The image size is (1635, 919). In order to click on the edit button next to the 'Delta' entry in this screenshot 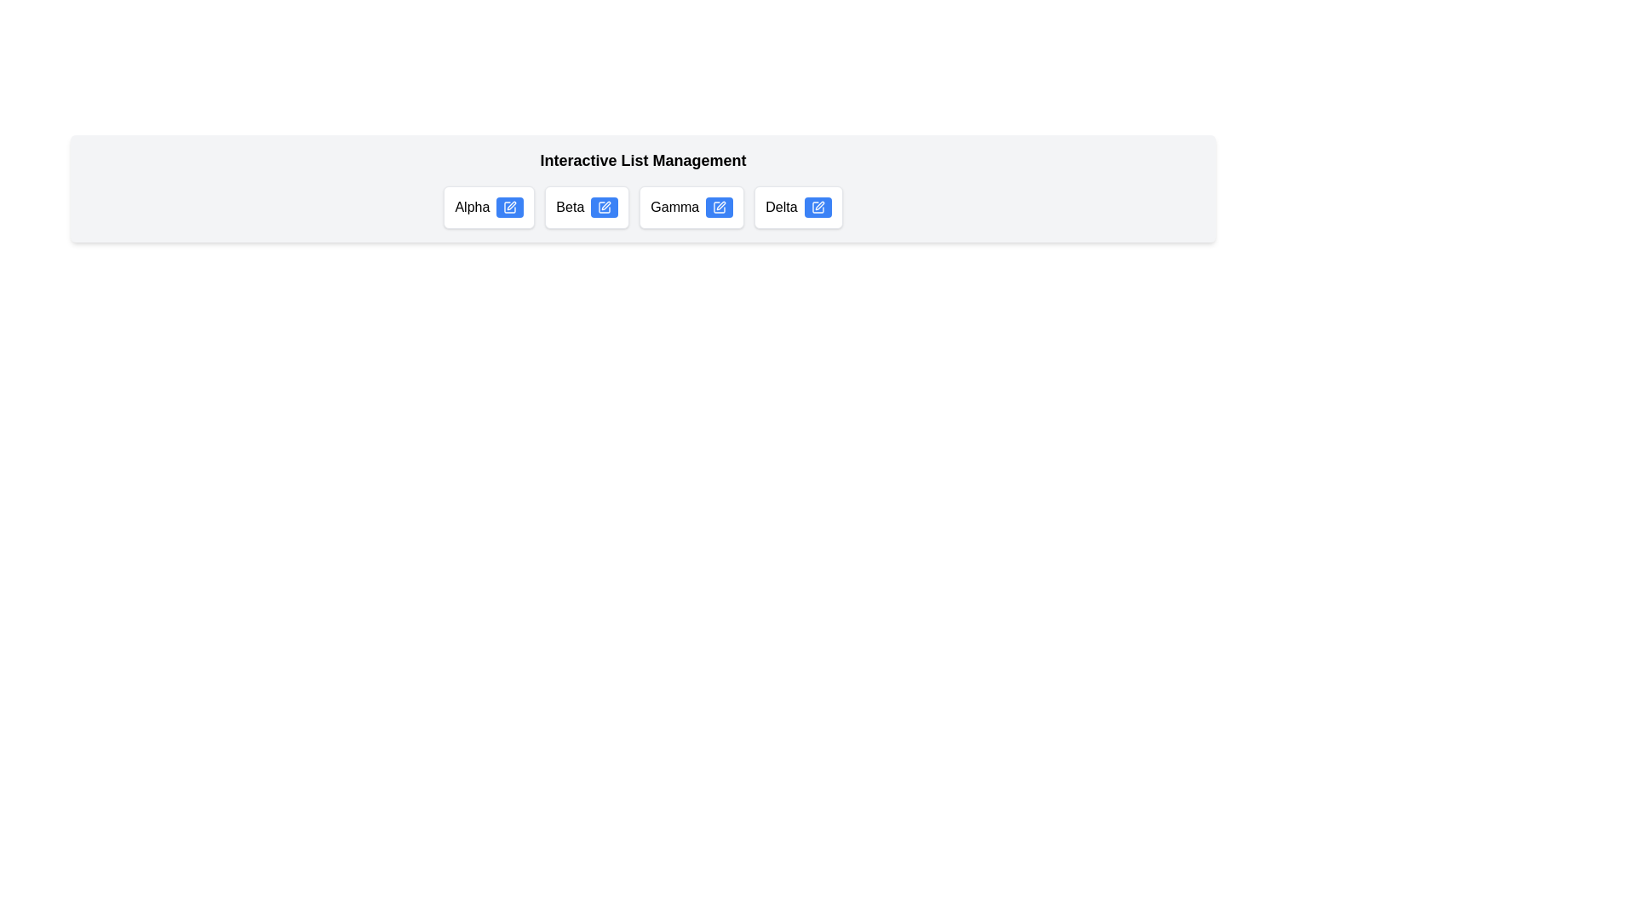, I will do `click(817, 206)`.